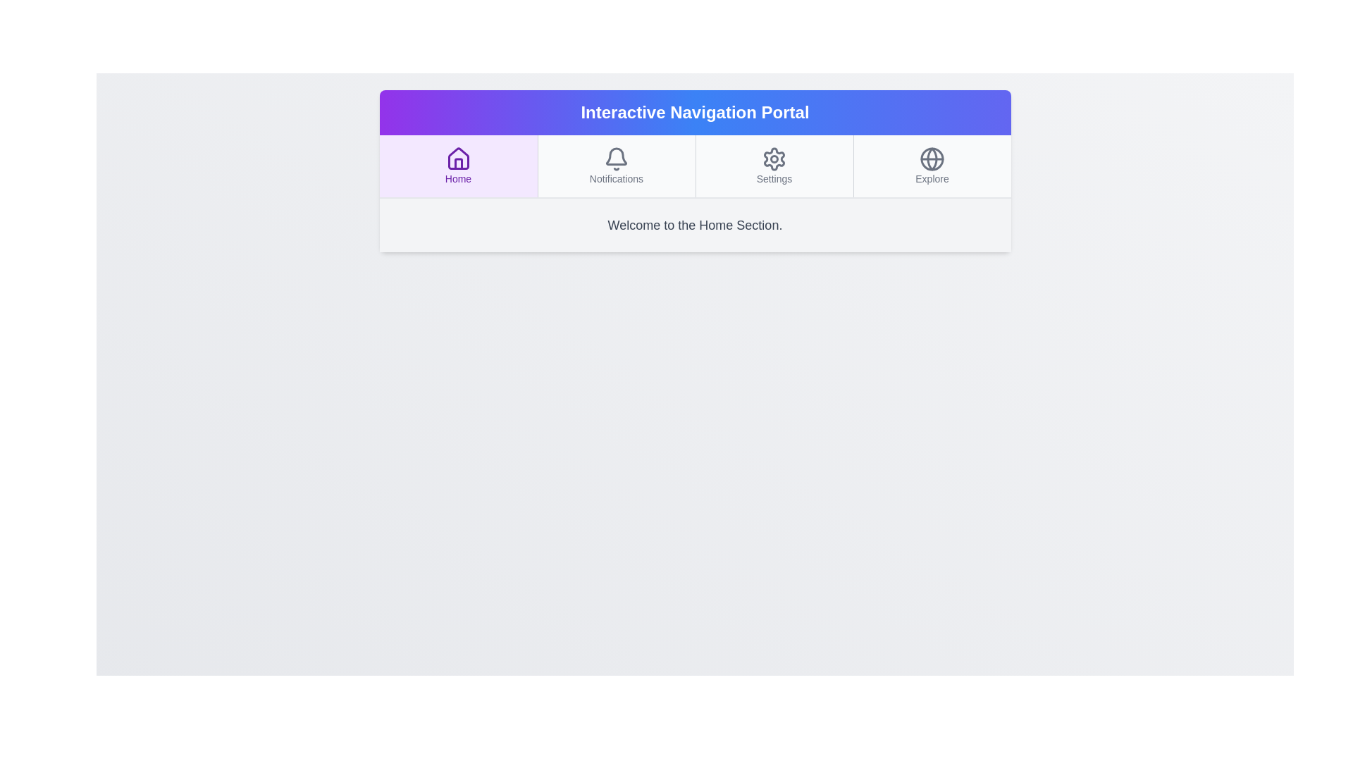 This screenshot has width=1353, height=761. Describe the element at coordinates (932, 159) in the screenshot. I see `the central circular portion of the globe icon in the navigation bar, which represents the 'Explore' section` at that location.